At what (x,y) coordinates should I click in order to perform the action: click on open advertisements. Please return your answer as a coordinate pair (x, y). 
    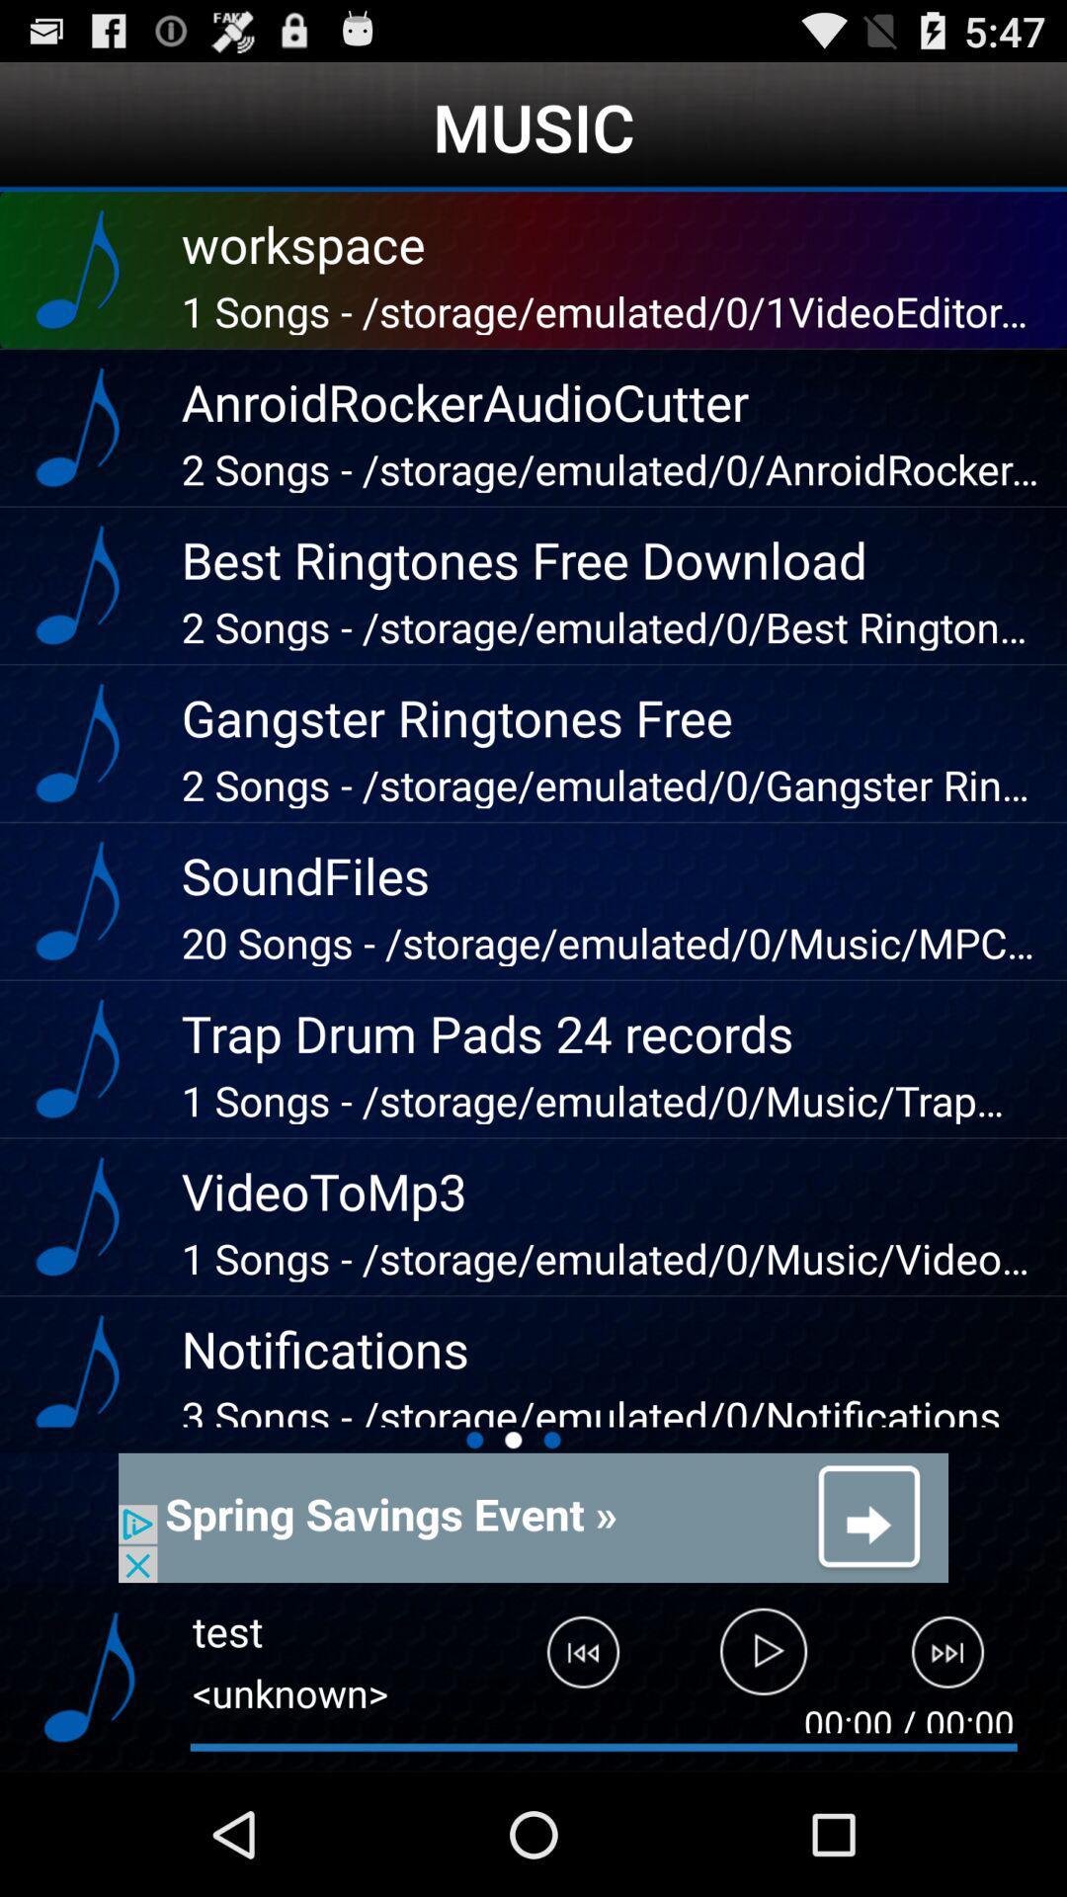
    Looking at the image, I should click on (533, 1517).